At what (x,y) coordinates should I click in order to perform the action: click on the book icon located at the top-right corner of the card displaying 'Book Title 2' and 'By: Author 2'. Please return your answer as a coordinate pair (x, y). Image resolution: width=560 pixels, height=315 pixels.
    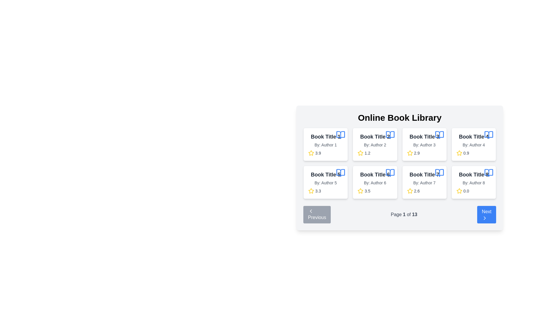
    Looking at the image, I should click on (390, 135).